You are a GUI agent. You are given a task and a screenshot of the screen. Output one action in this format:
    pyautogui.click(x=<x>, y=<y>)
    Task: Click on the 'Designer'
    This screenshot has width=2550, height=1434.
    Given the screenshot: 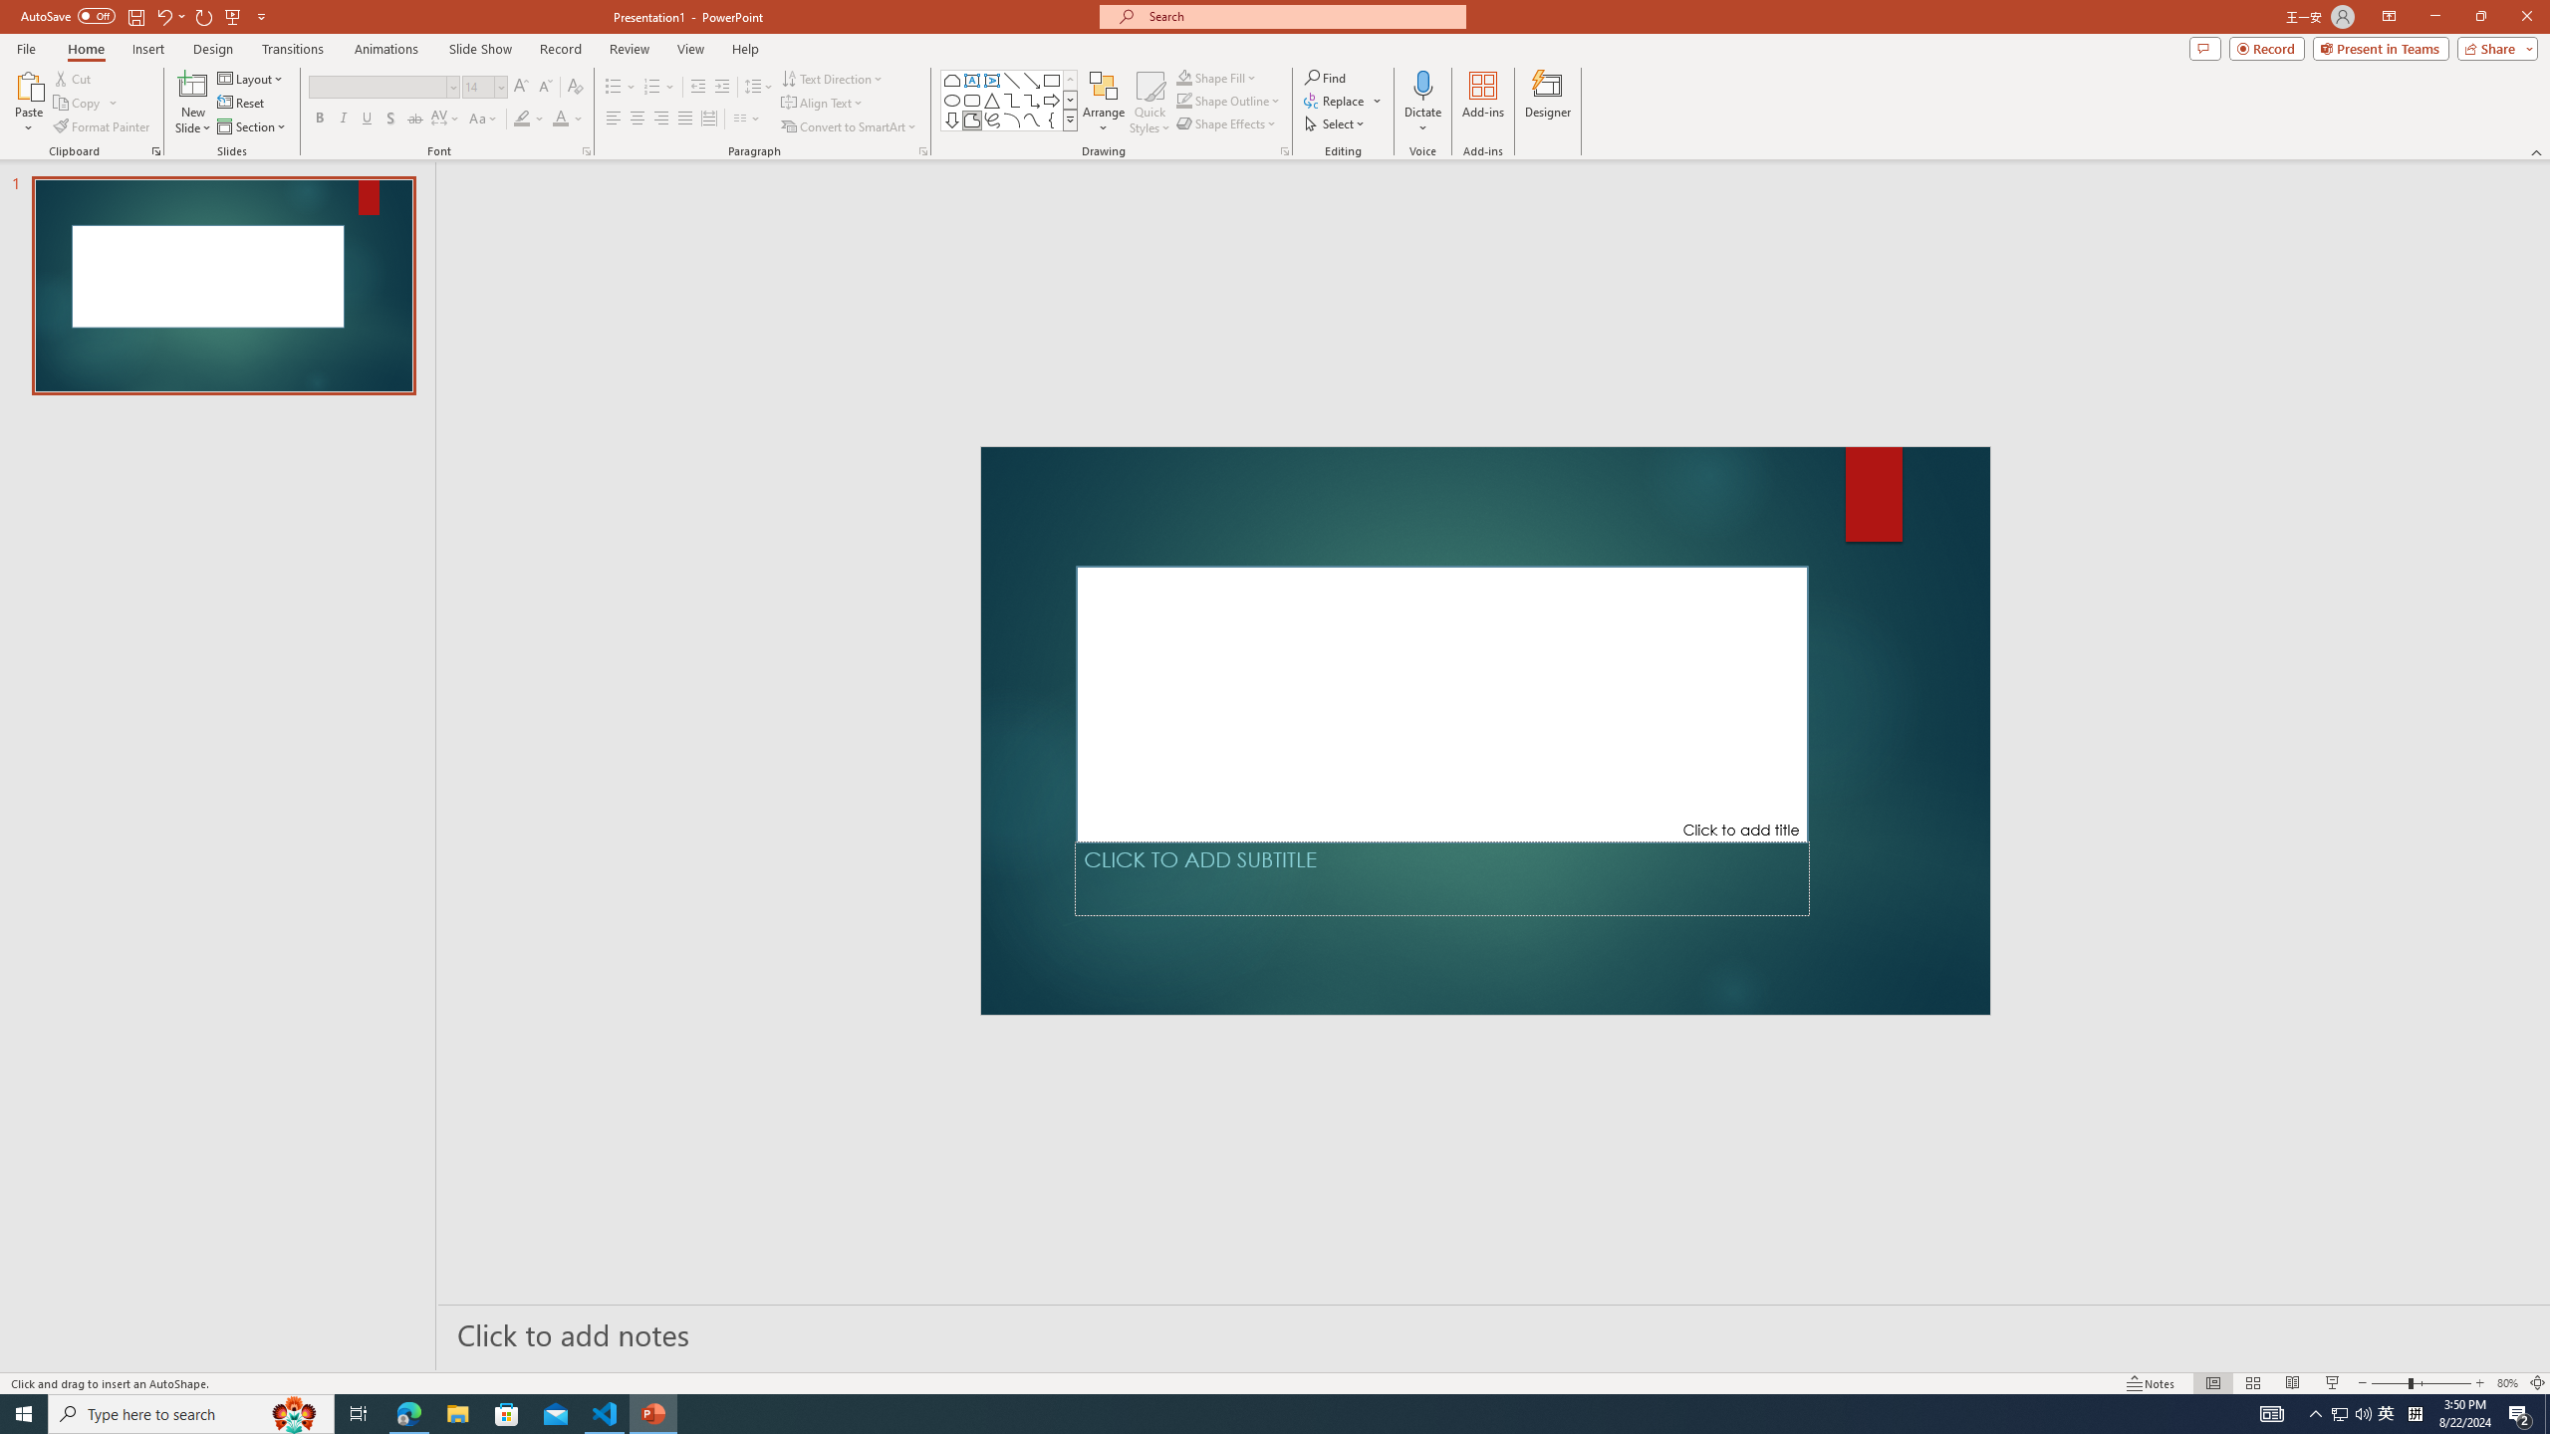 What is the action you would take?
    pyautogui.click(x=1547, y=103)
    